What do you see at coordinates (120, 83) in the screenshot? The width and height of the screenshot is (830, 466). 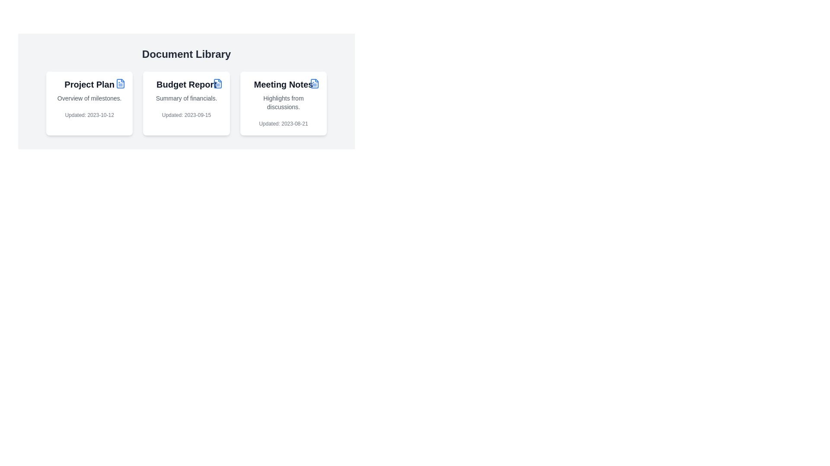 I see `the icon that visually denotes the type of content or category associated with the 'Project Plan', located in the top-right corner of the 'Project Plan' card` at bounding box center [120, 83].